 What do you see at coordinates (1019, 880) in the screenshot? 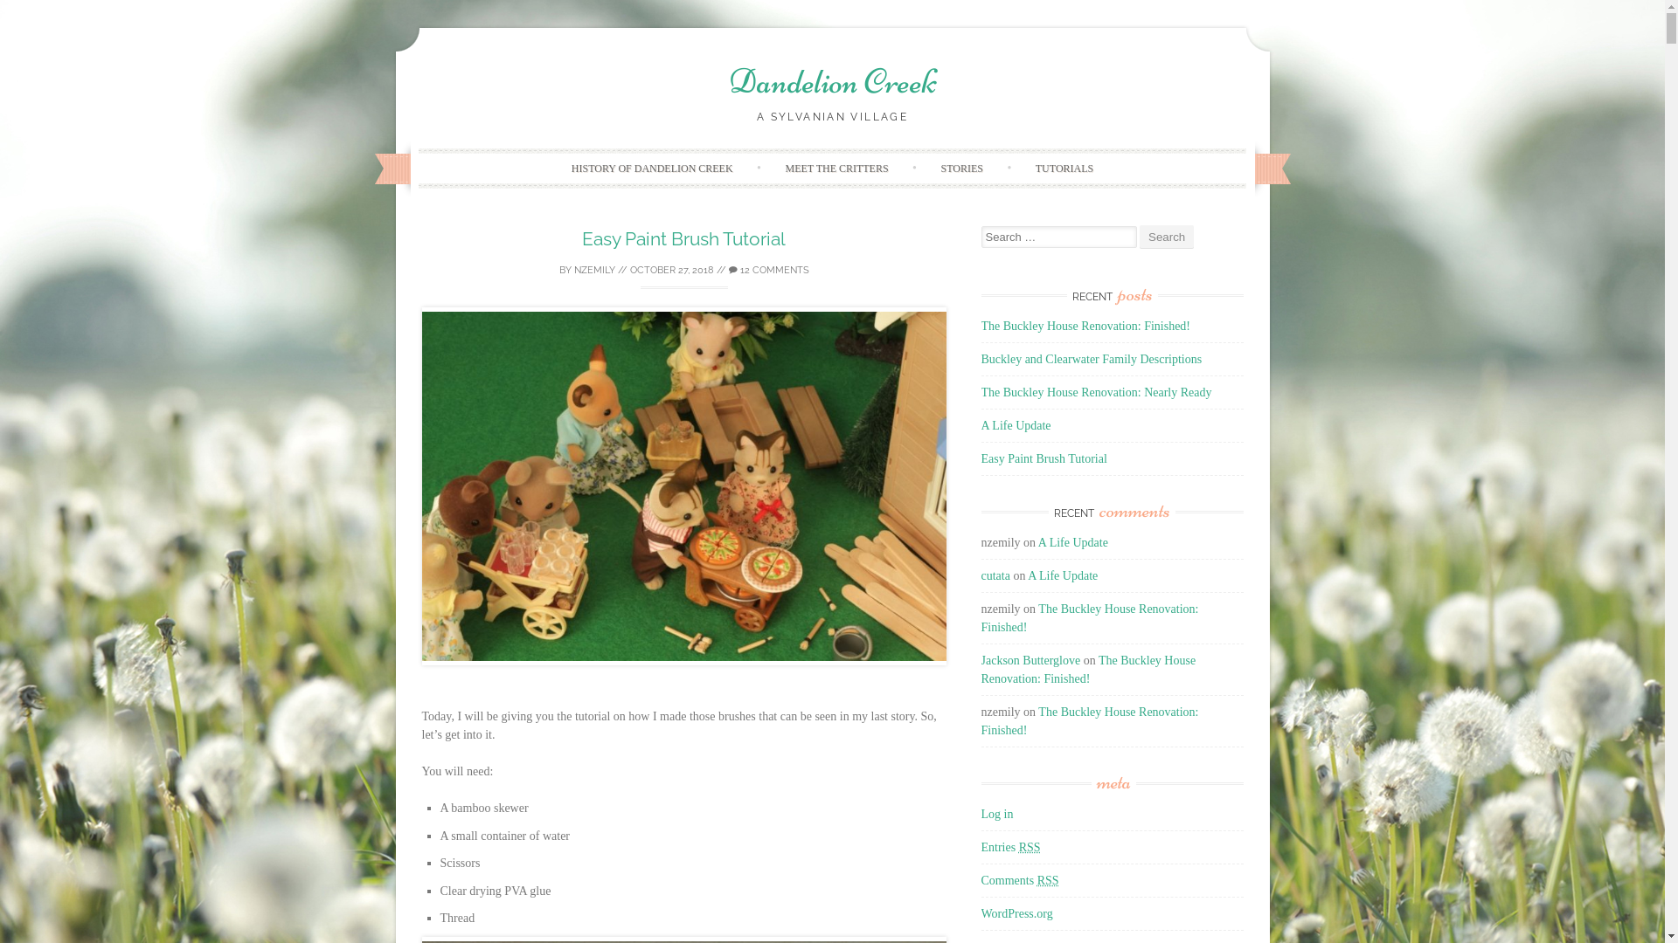
I see `'Comments RSS'` at bounding box center [1019, 880].